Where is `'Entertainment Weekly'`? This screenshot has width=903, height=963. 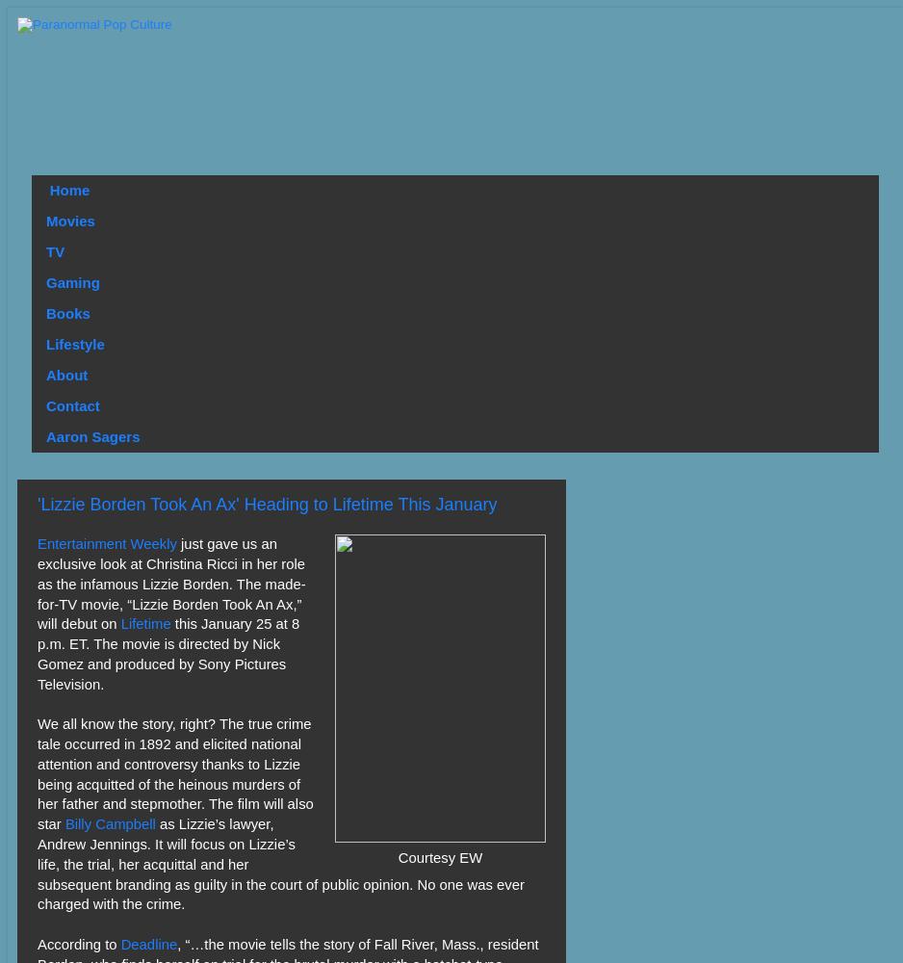 'Entertainment Weekly' is located at coordinates (105, 543).